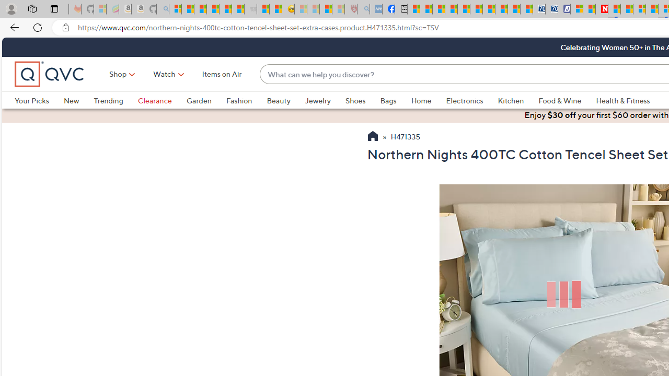 The image size is (669, 376). Describe the element at coordinates (278, 100) in the screenshot. I see `'Beauty'` at that location.